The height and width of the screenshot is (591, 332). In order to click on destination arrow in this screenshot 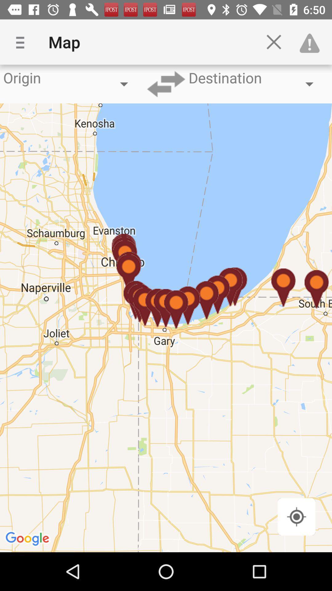, I will do `click(166, 84)`.